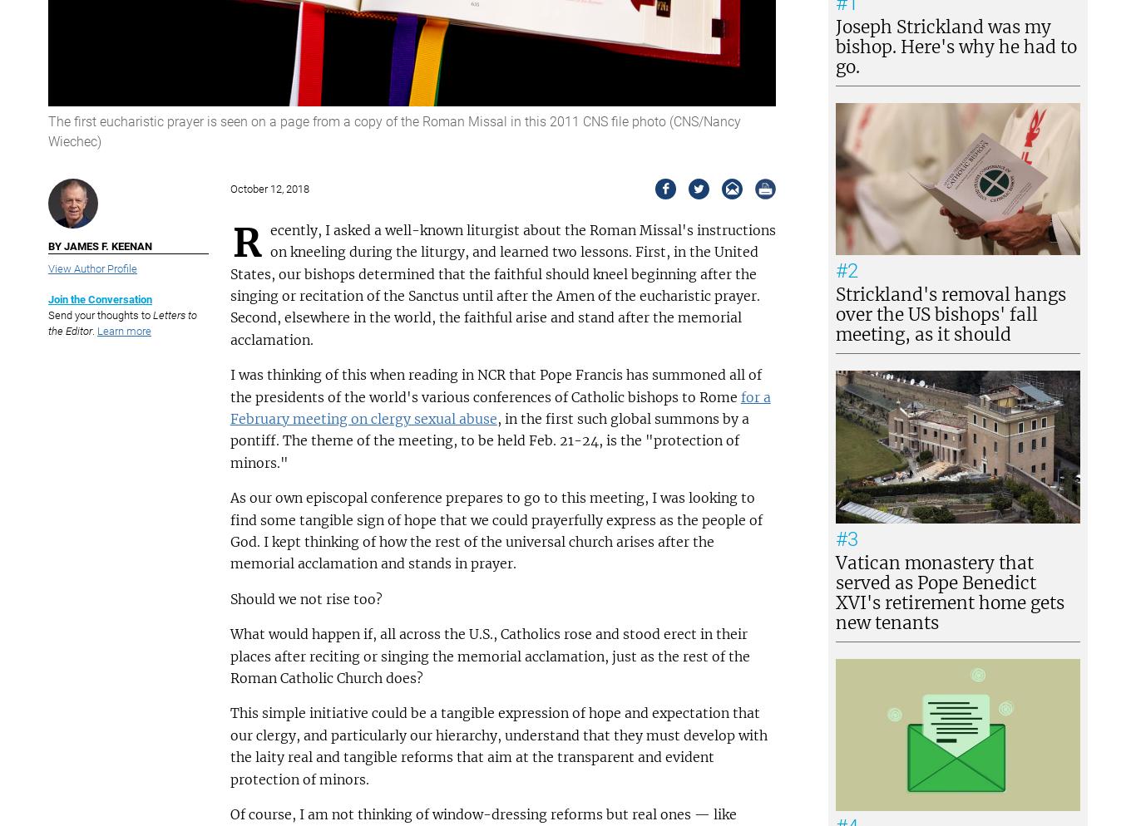 The height and width of the screenshot is (826, 1136). Describe the element at coordinates (835, 315) in the screenshot. I see `'Strickland's removal hangs over the US bishops' fall meeting, as it should'` at that location.